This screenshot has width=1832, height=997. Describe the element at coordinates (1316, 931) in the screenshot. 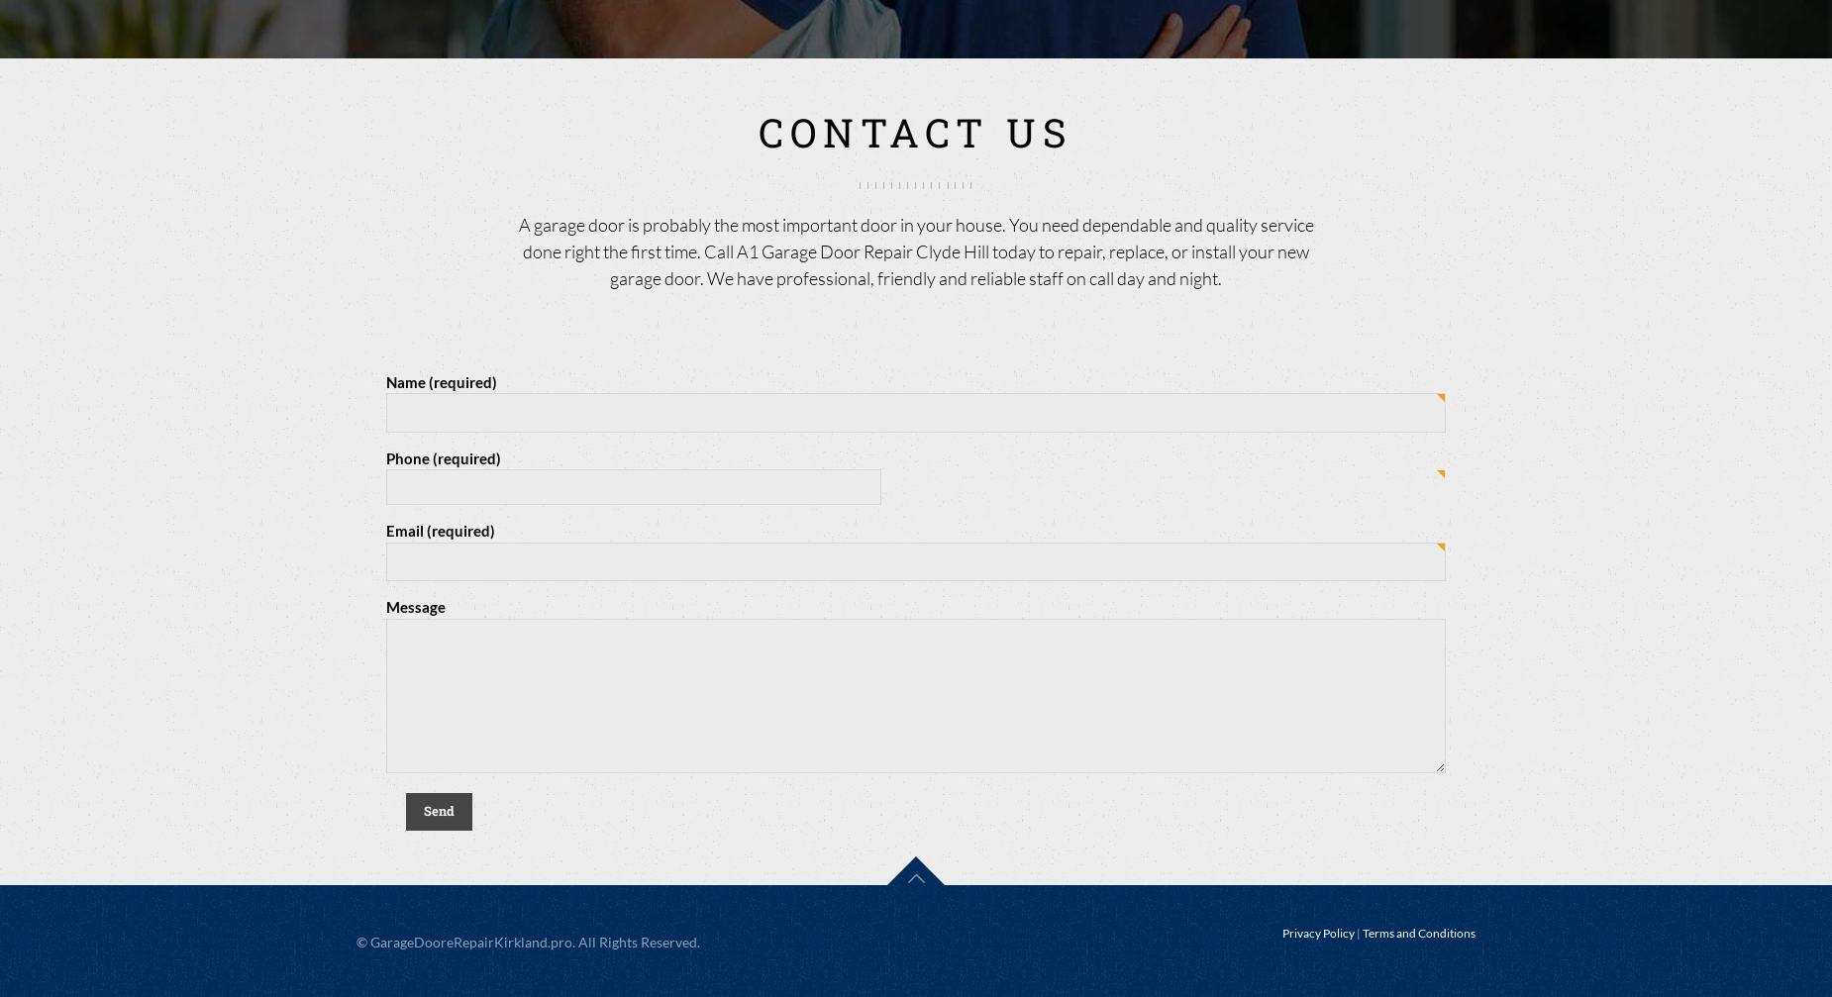

I see `'Privacy Policy'` at that location.